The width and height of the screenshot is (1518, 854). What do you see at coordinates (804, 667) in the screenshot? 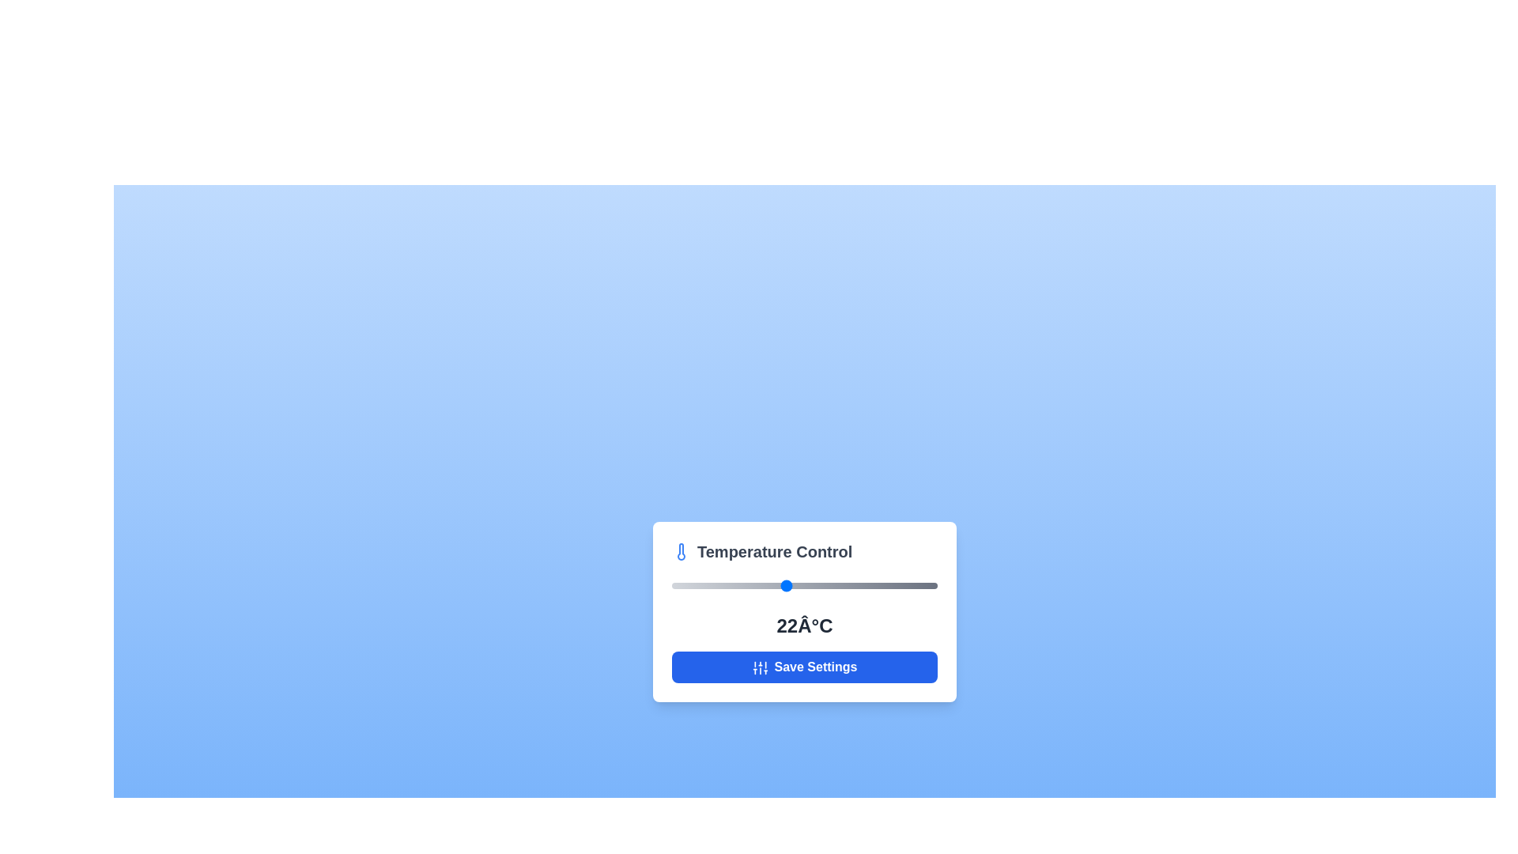
I see `the 'Save Settings' button to save the current temperature setting` at bounding box center [804, 667].